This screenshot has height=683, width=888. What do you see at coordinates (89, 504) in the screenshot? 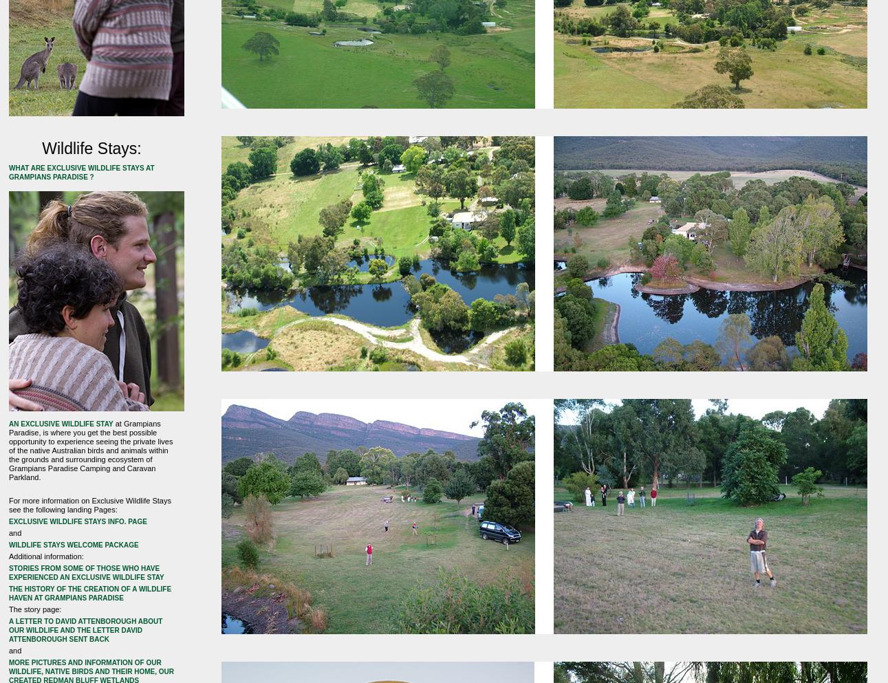
I see `'For more information on Exclusive Wildlife Stays see the following landing Pages:'` at bounding box center [89, 504].